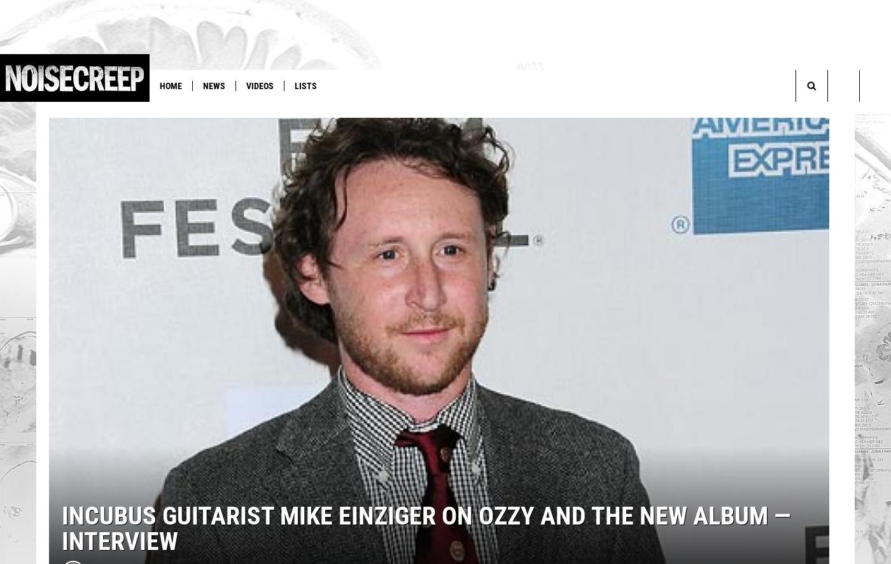  I want to click on 'Home', so click(171, 85).